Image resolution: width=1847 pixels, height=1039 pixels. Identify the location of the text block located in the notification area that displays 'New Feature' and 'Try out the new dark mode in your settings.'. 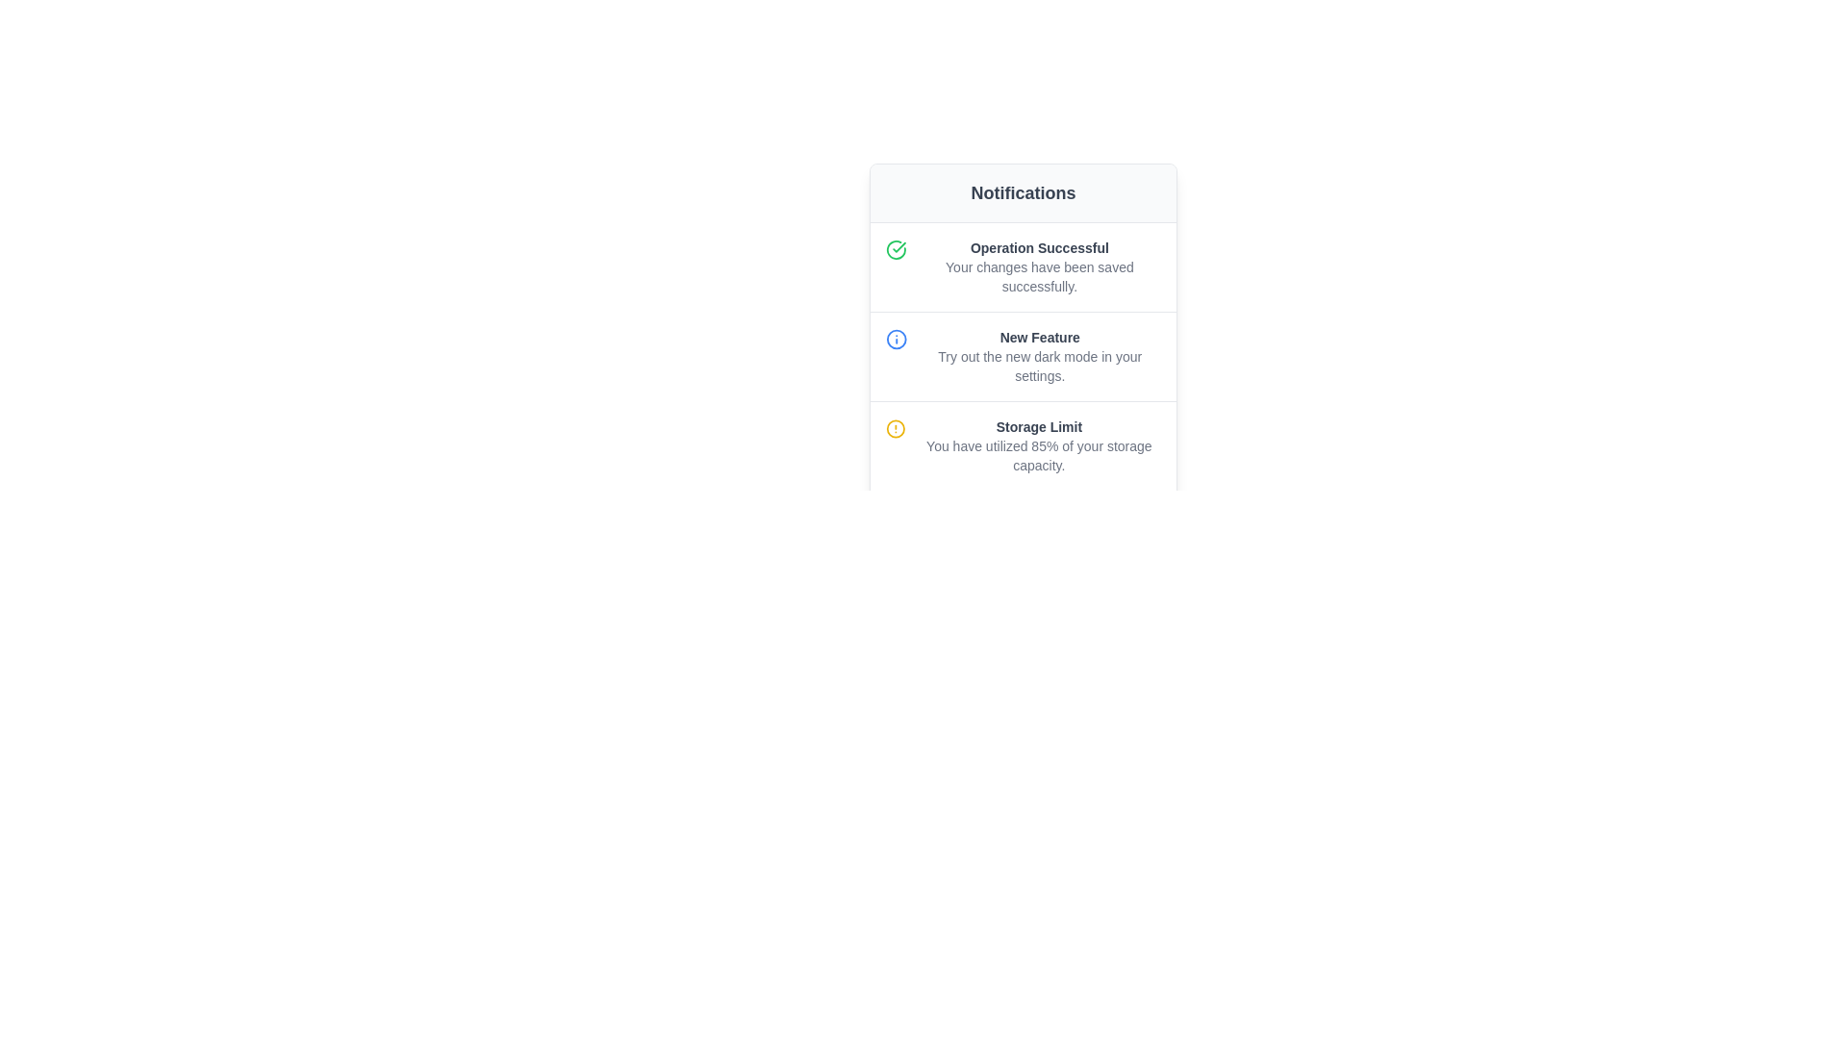
(1039, 356).